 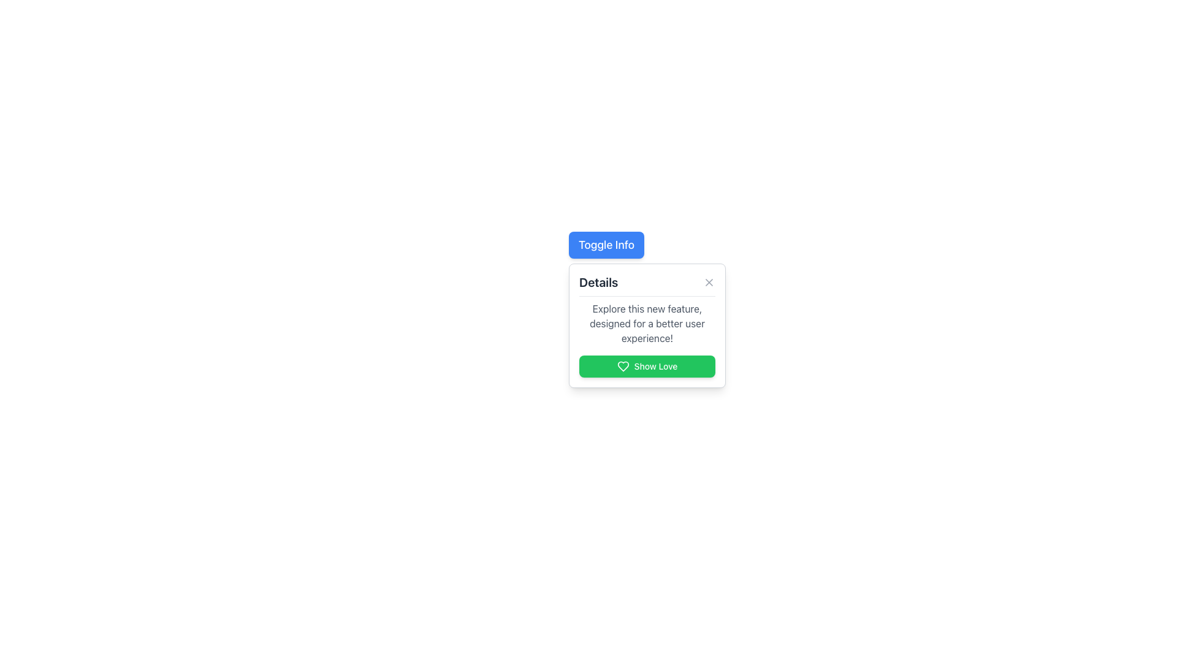 What do you see at coordinates (606, 245) in the screenshot?
I see `the toggle button located at the top-left corner of the pop-up section to show or hide additional information` at bounding box center [606, 245].